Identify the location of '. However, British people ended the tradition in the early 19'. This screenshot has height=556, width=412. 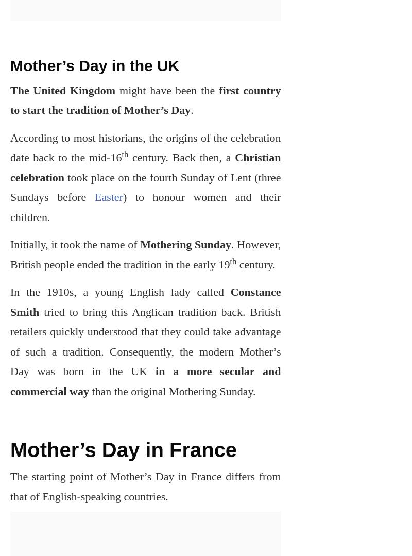
(145, 254).